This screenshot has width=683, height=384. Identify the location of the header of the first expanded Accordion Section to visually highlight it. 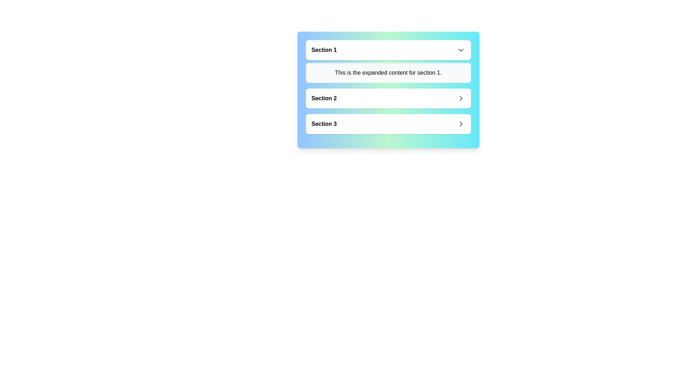
(388, 61).